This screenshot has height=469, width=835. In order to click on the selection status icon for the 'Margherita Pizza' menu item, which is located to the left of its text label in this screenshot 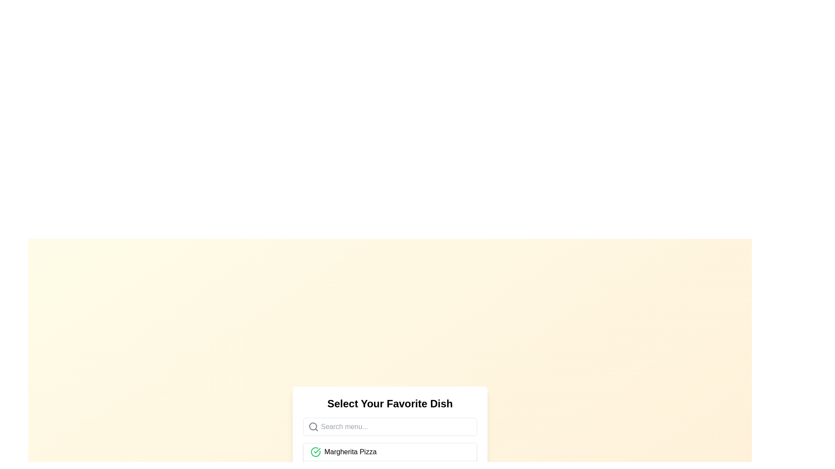, I will do `click(315, 451)`.